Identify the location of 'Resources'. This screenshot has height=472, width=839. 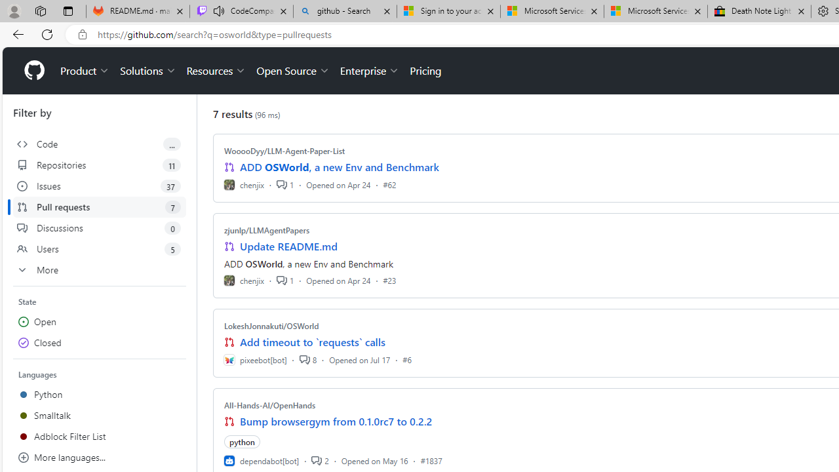
(216, 71).